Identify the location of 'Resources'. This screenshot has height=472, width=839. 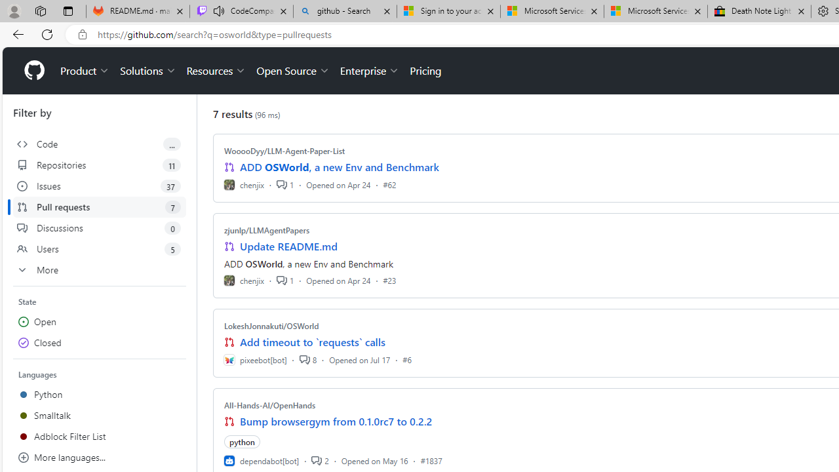
(216, 71).